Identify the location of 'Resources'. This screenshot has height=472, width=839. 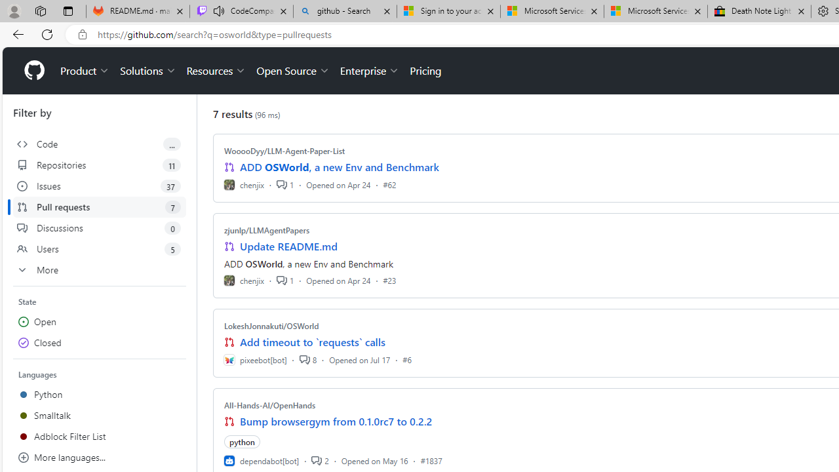
(216, 71).